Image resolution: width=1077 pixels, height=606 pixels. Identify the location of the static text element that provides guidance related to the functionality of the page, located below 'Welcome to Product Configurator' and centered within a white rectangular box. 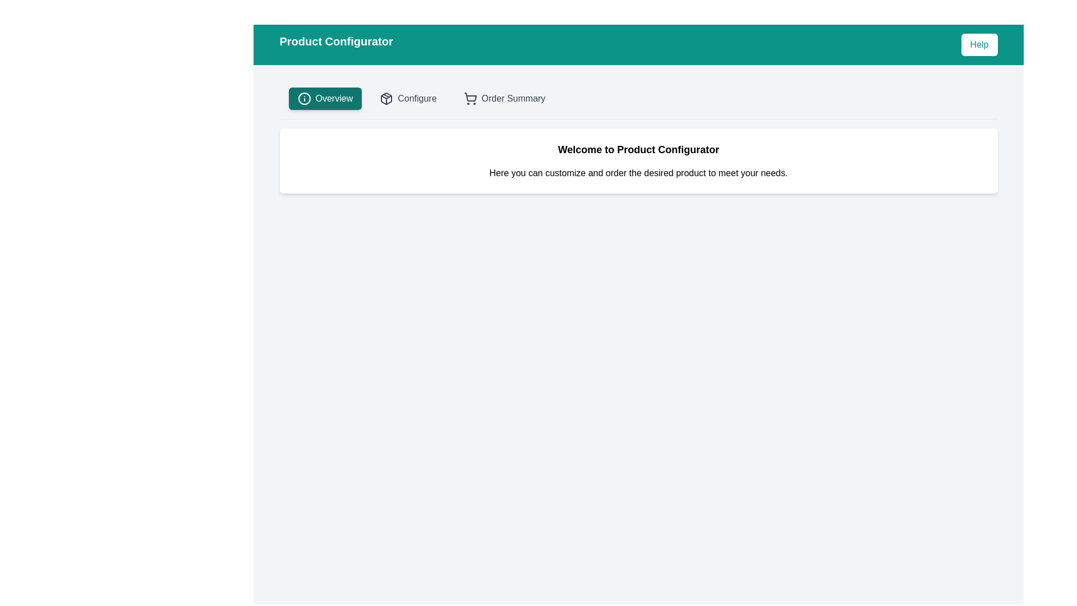
(638, 173).